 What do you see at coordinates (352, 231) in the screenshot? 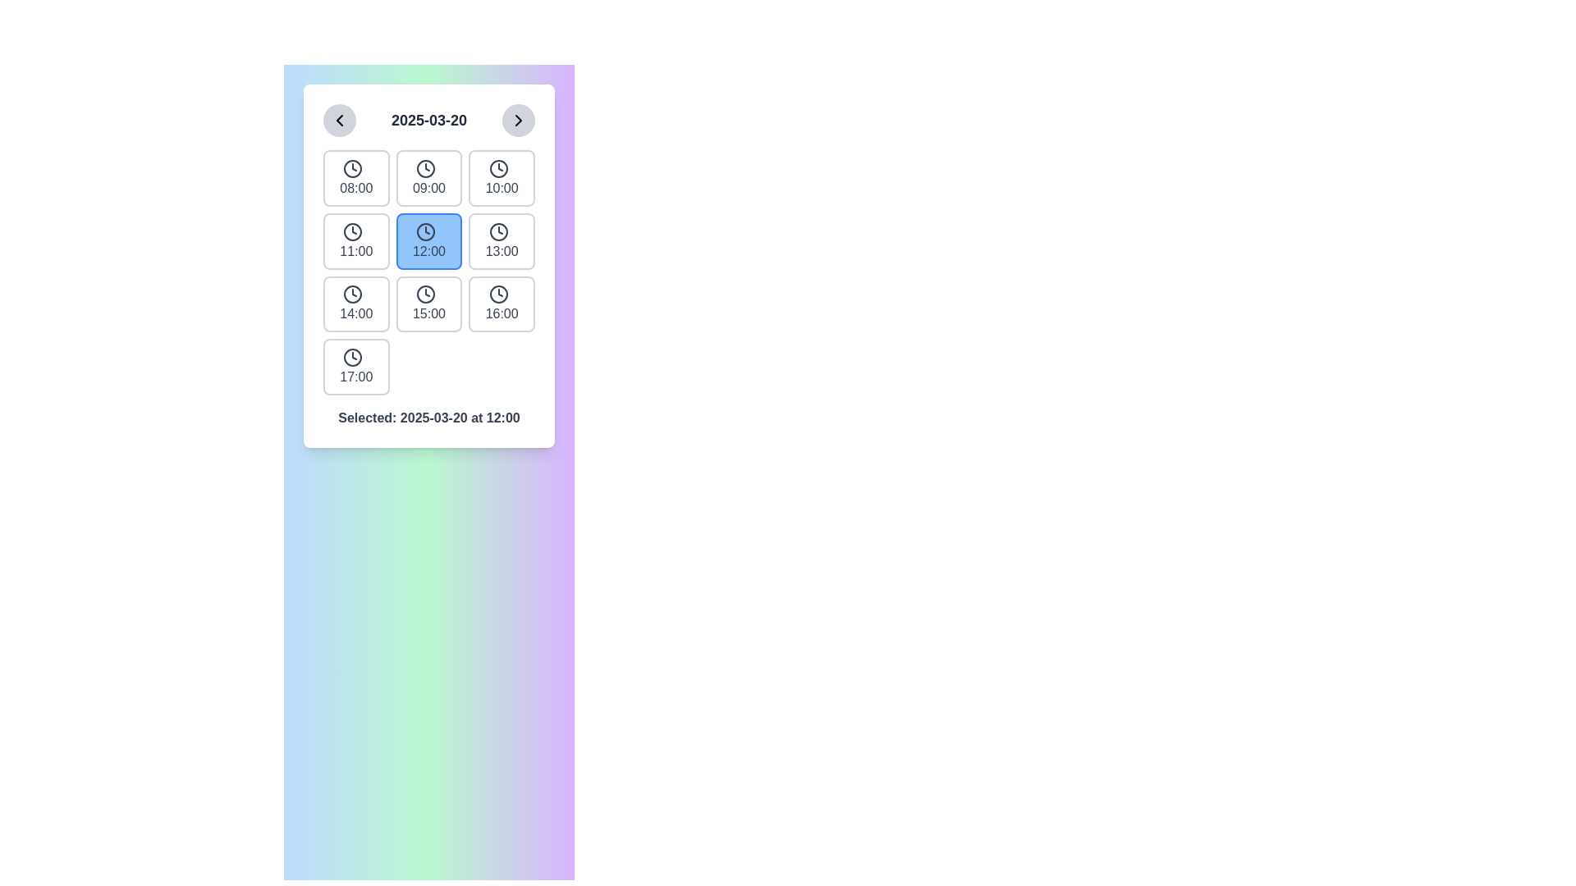
I see `the circular graphical icon representing the clock face at '11:00'` at bounding box center [352, 231].